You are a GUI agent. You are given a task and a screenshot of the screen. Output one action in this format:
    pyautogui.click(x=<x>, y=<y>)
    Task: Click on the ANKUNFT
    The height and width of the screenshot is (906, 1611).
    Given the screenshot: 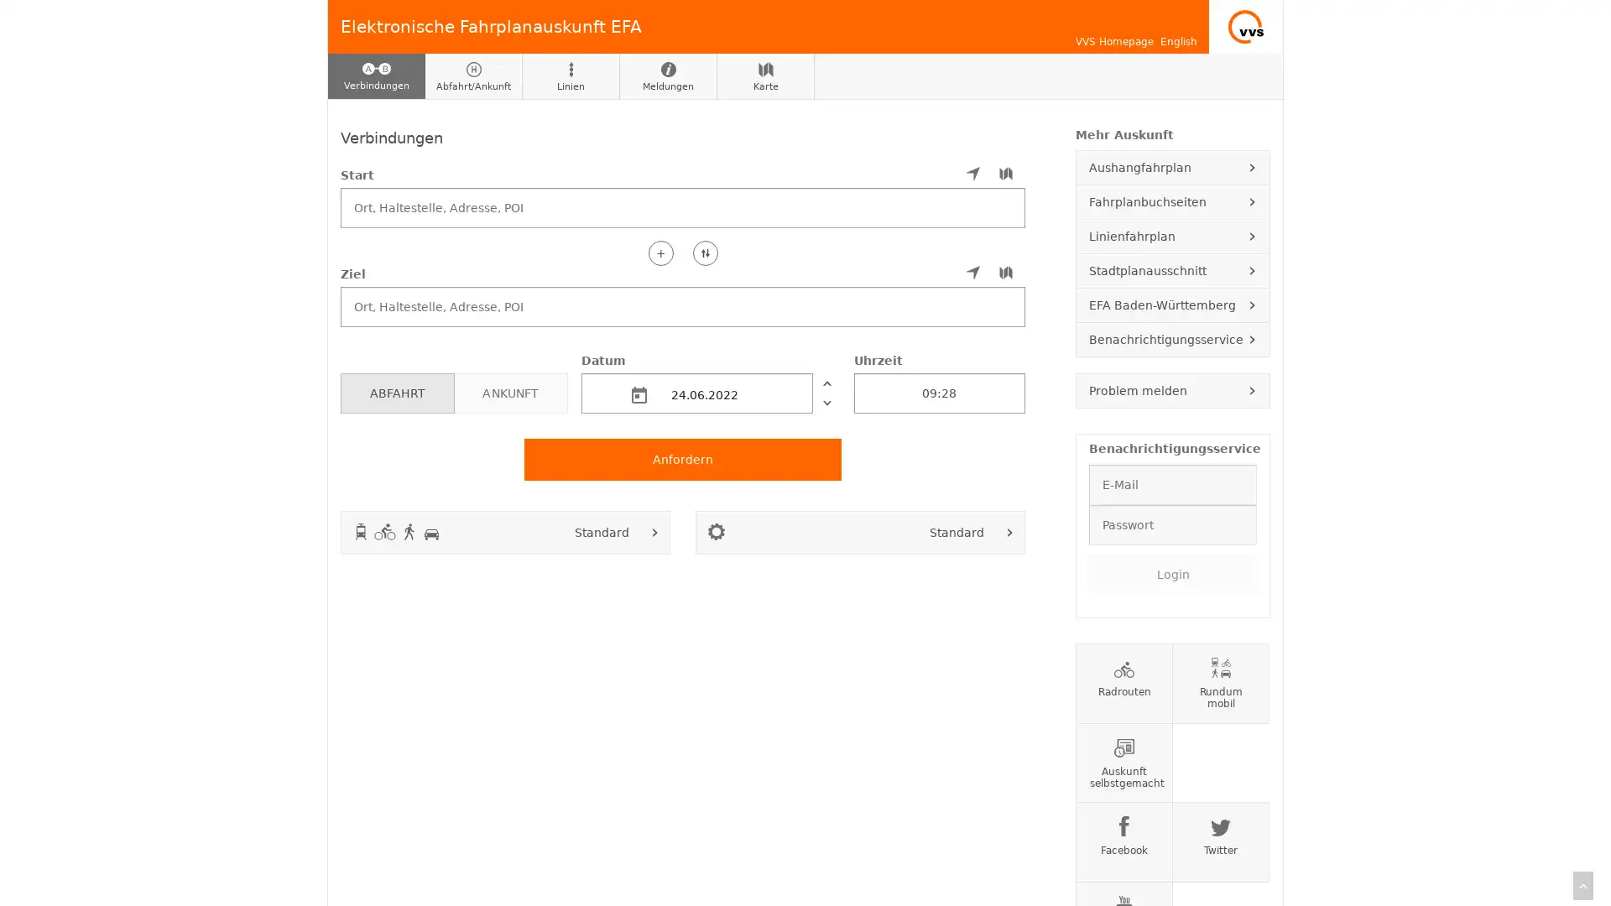 What is the action you would take?
    pyautogui.click(x=509, y=392)
    